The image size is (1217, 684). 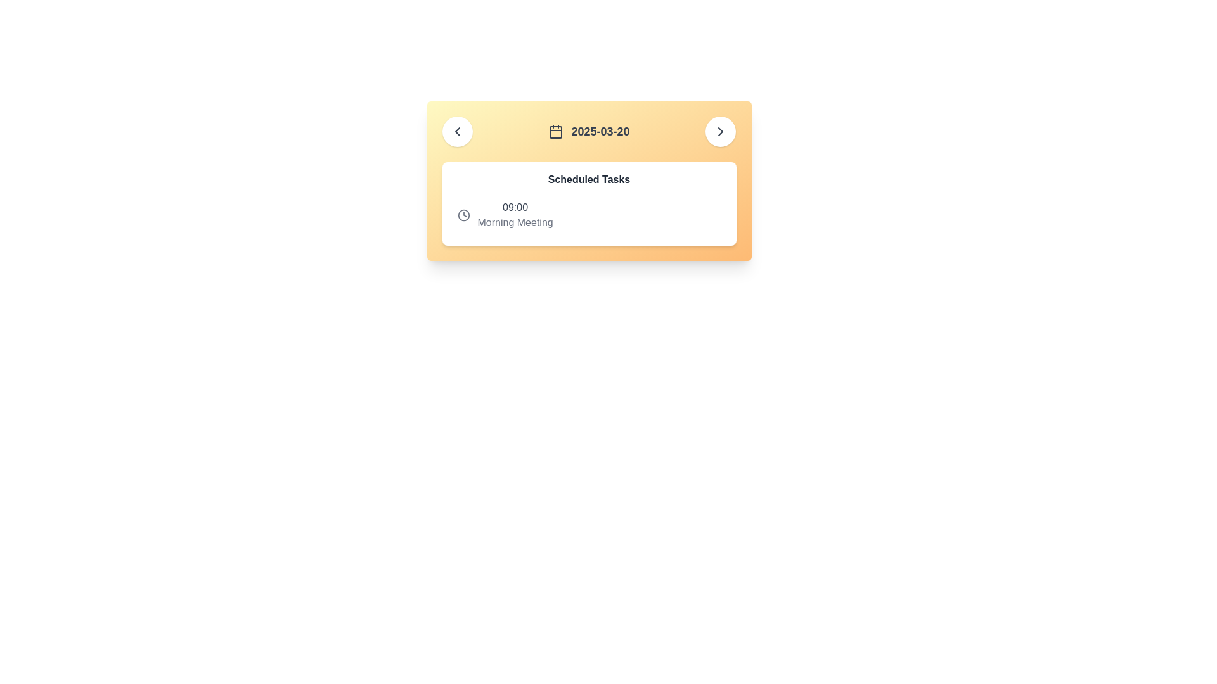 What do you see at coordinates (556, 132) in the screenshot?
I see `the Icon sub-component, a smaller rounded rectangle within the calendar icon, if it is enabled` at bounding box center [556, 132].